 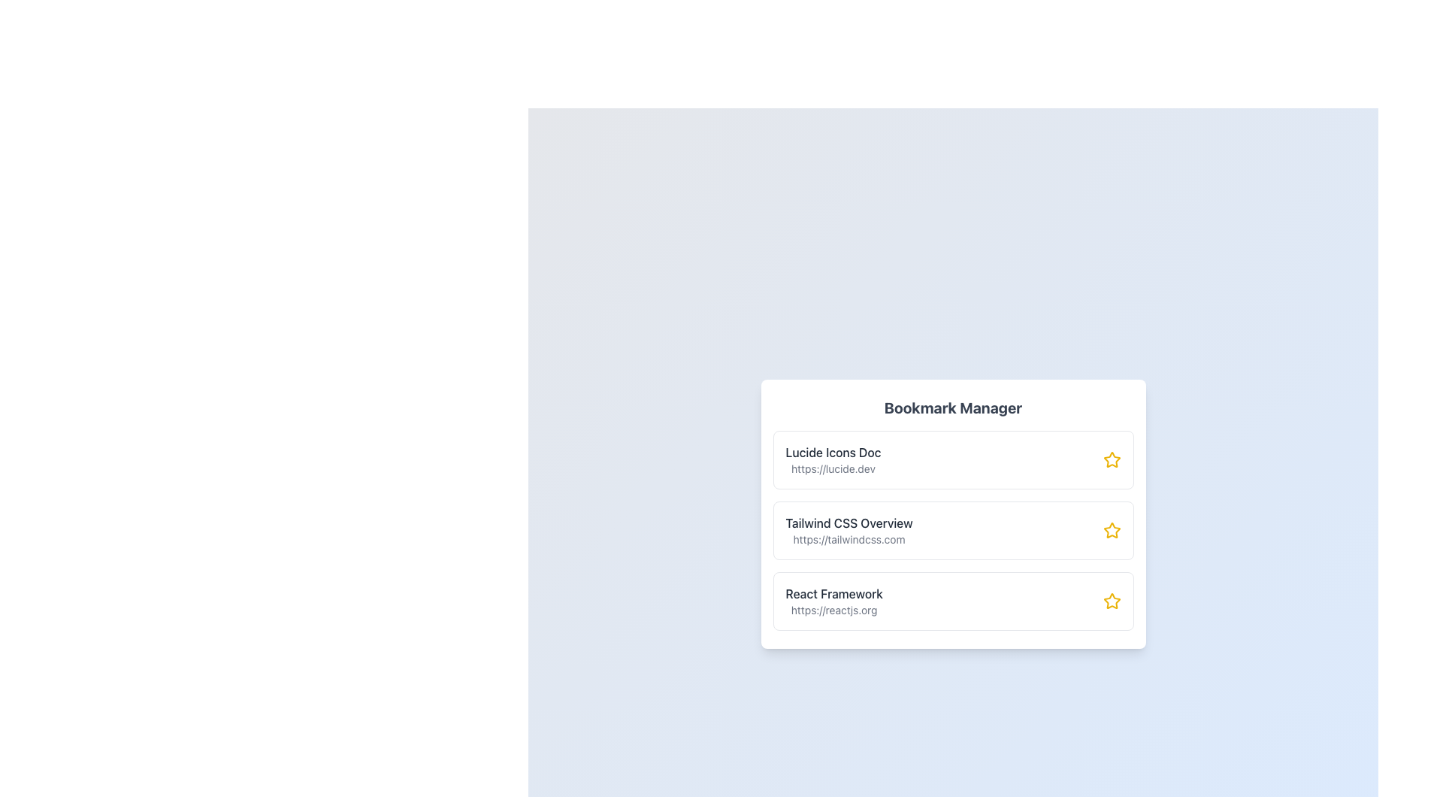 I want to click on the bookmark entry titled 'React Framework' in the Bookmark Manager to interact with nearby action buttons, so click(x=833, y=600).